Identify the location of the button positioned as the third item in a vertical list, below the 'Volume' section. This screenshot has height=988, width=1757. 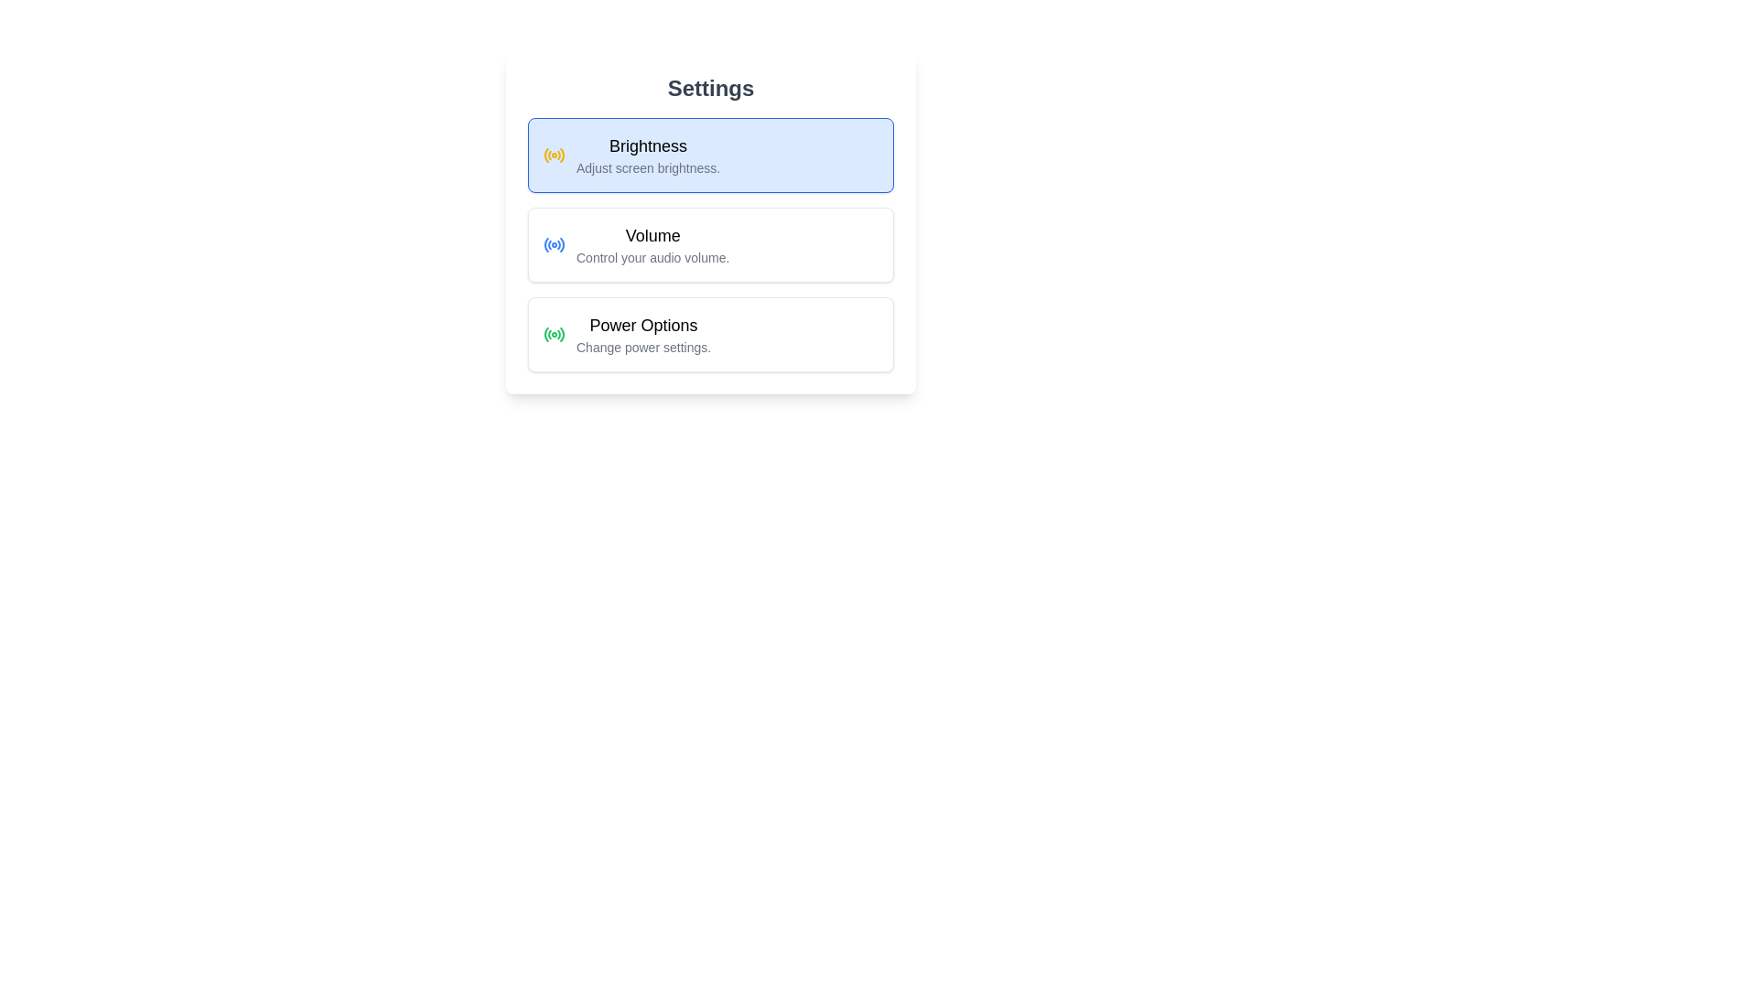
(710, 335).